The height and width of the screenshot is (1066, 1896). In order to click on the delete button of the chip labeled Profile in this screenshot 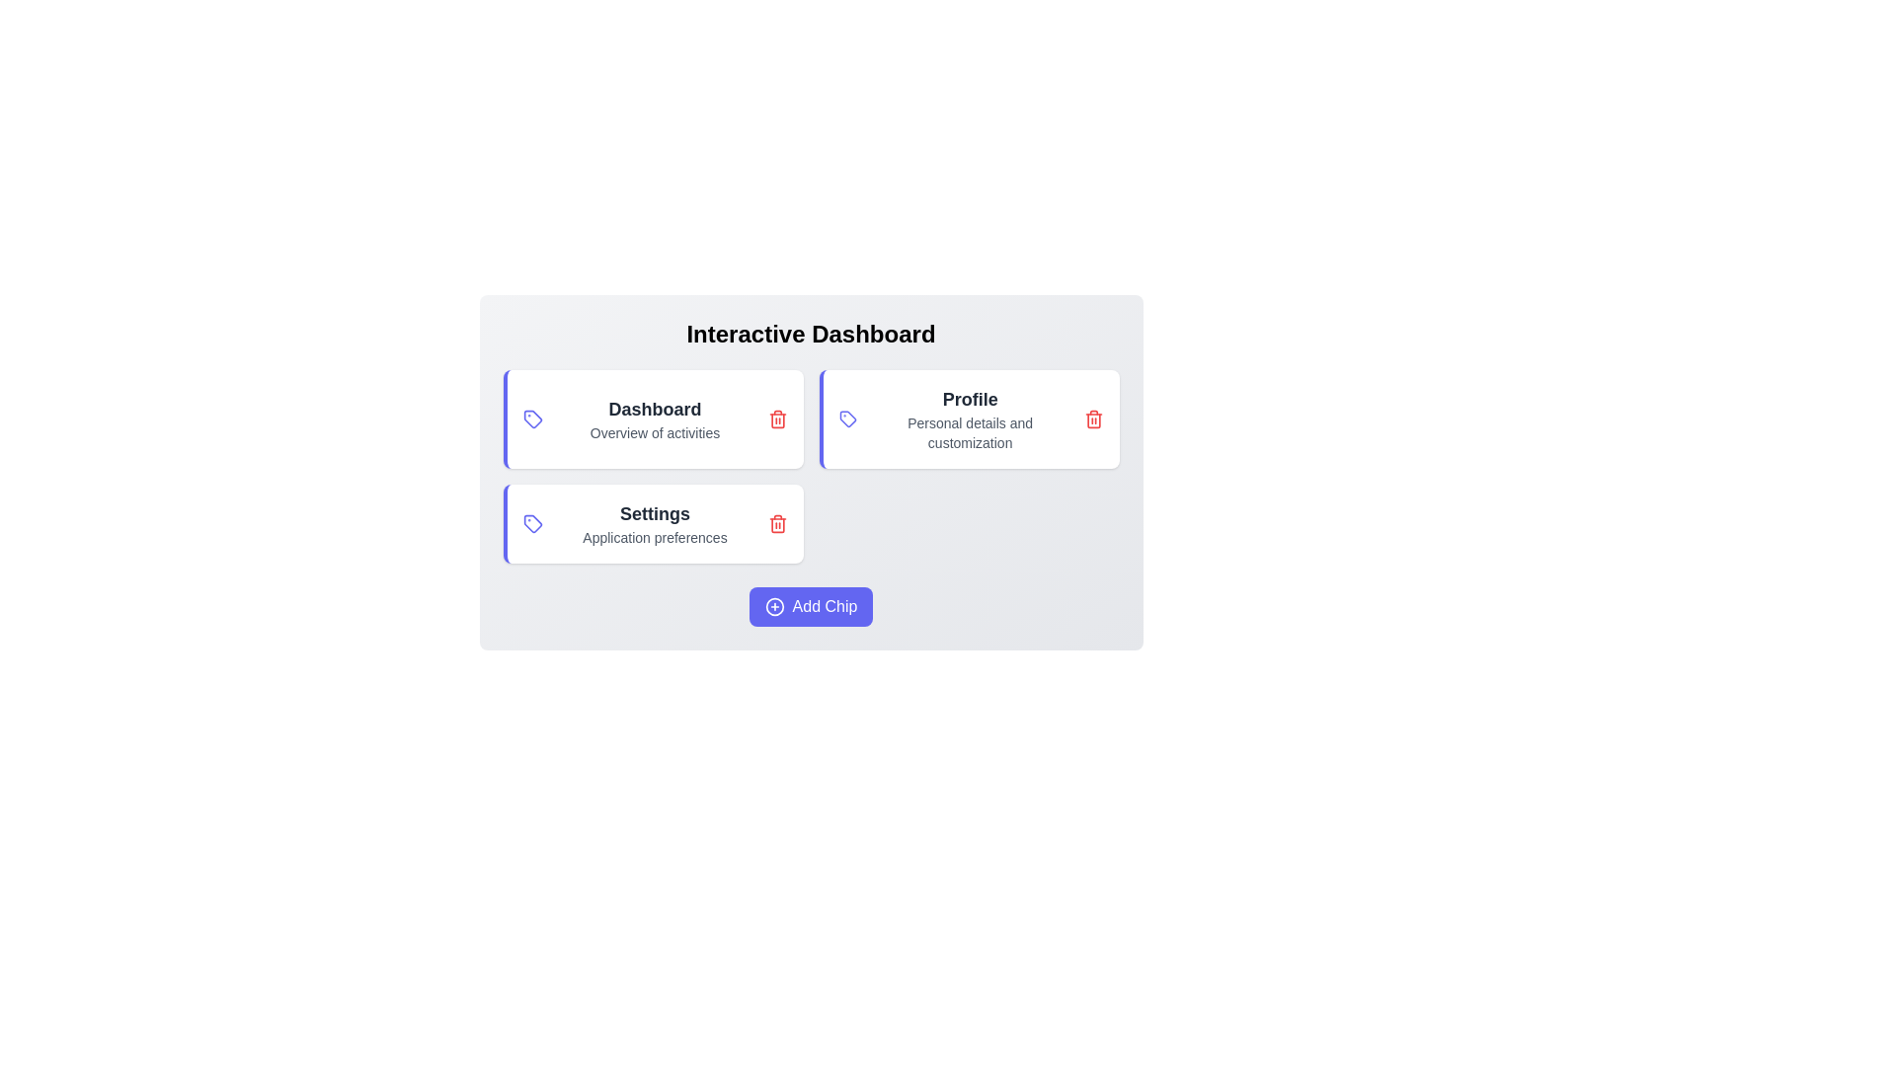, I will do `click(1092, 418)`.